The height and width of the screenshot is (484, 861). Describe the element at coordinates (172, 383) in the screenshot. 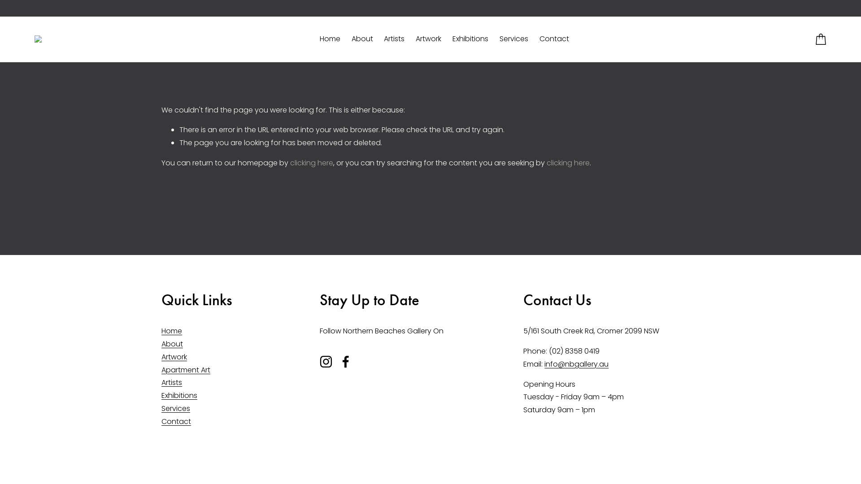

I see `'Artists'` at that location.